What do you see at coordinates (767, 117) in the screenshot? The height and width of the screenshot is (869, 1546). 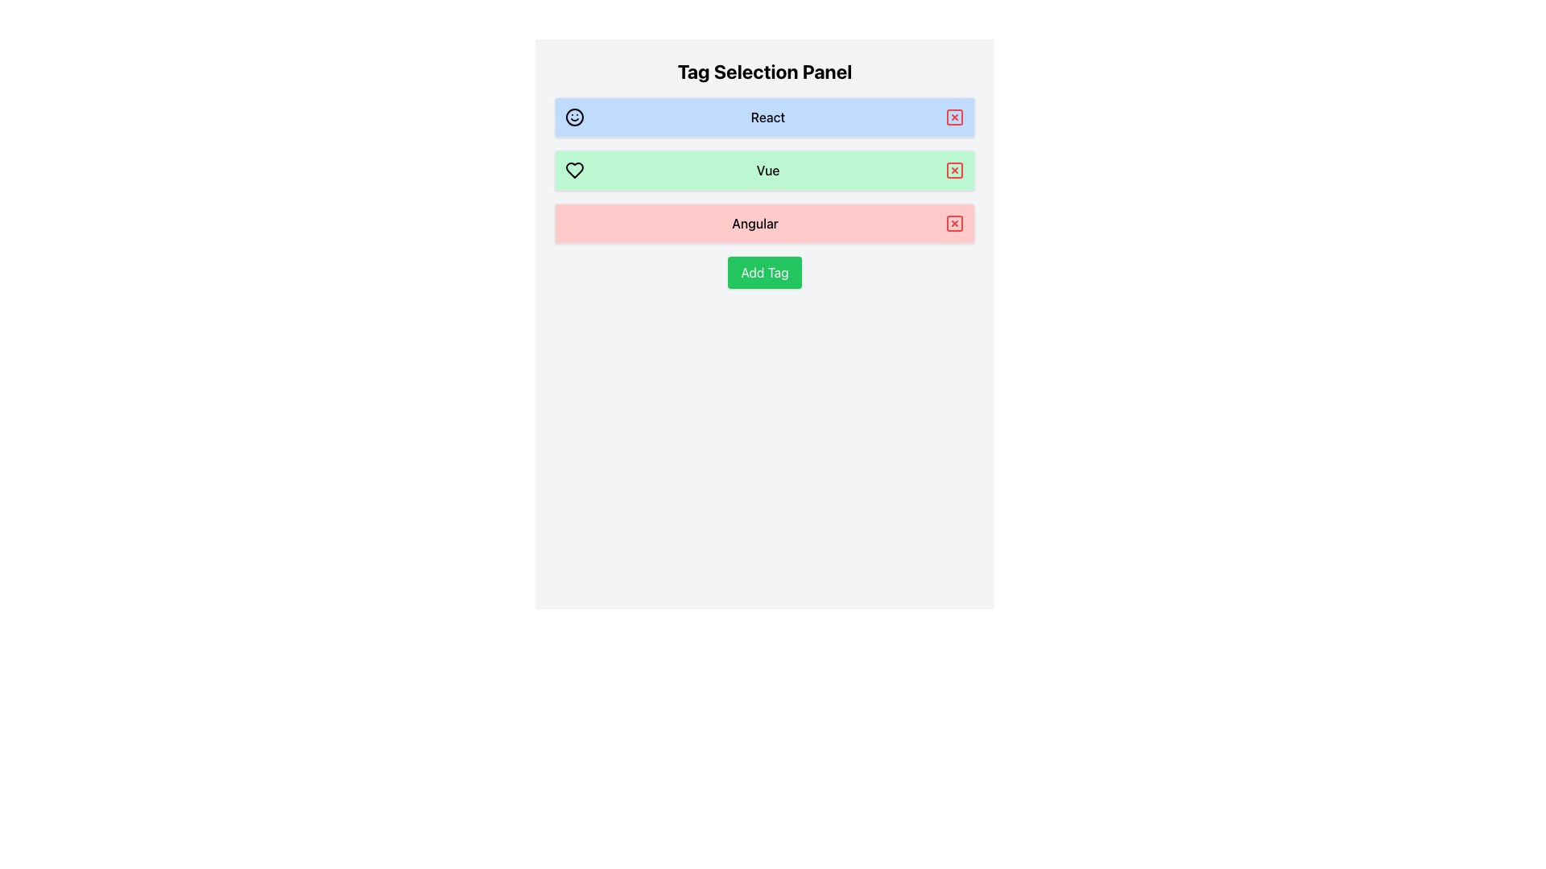 I see `the text label displaying 'React' in a bold, sans-serif font within the blue horizontal bar in the Tag Selection Panel` at bounding box center [767, 117].